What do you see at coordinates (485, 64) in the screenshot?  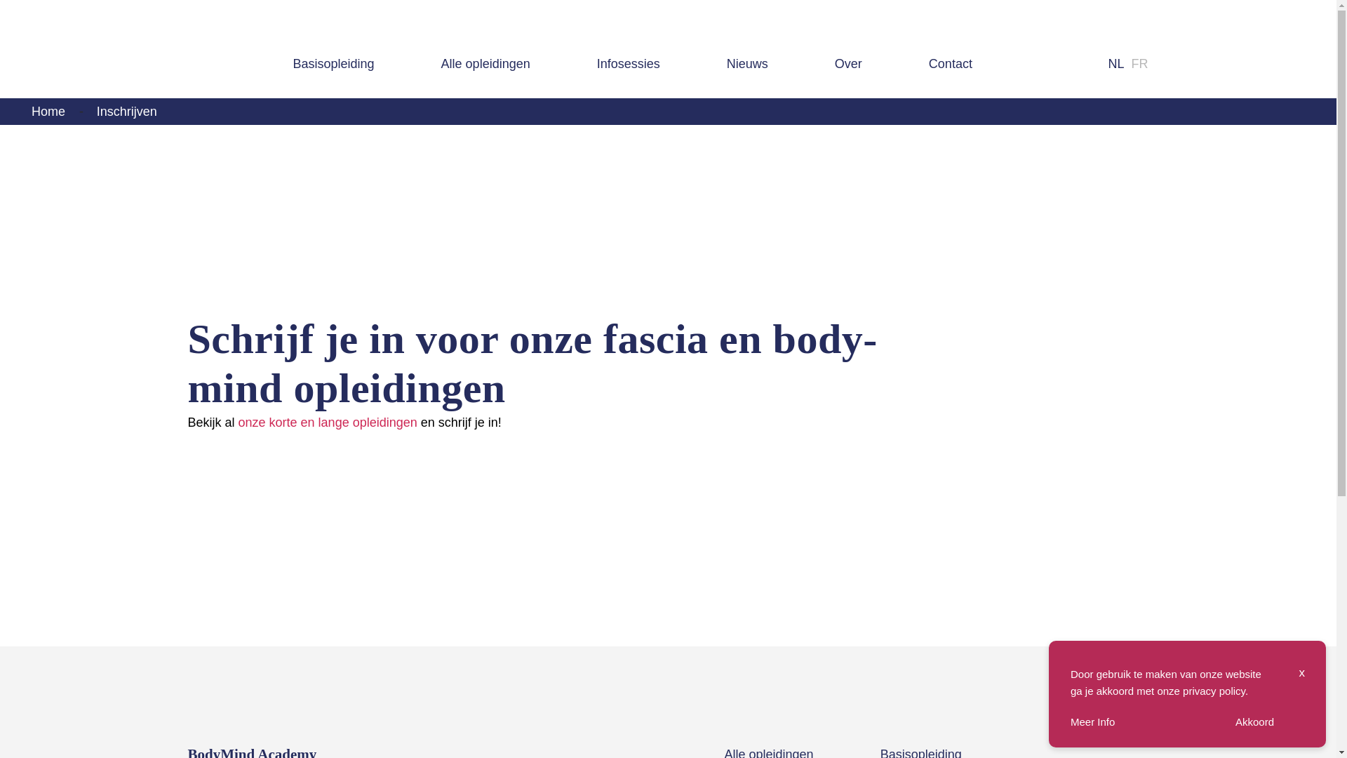 I see `'Alle opleidingen'` at bounding box center [485, 64].